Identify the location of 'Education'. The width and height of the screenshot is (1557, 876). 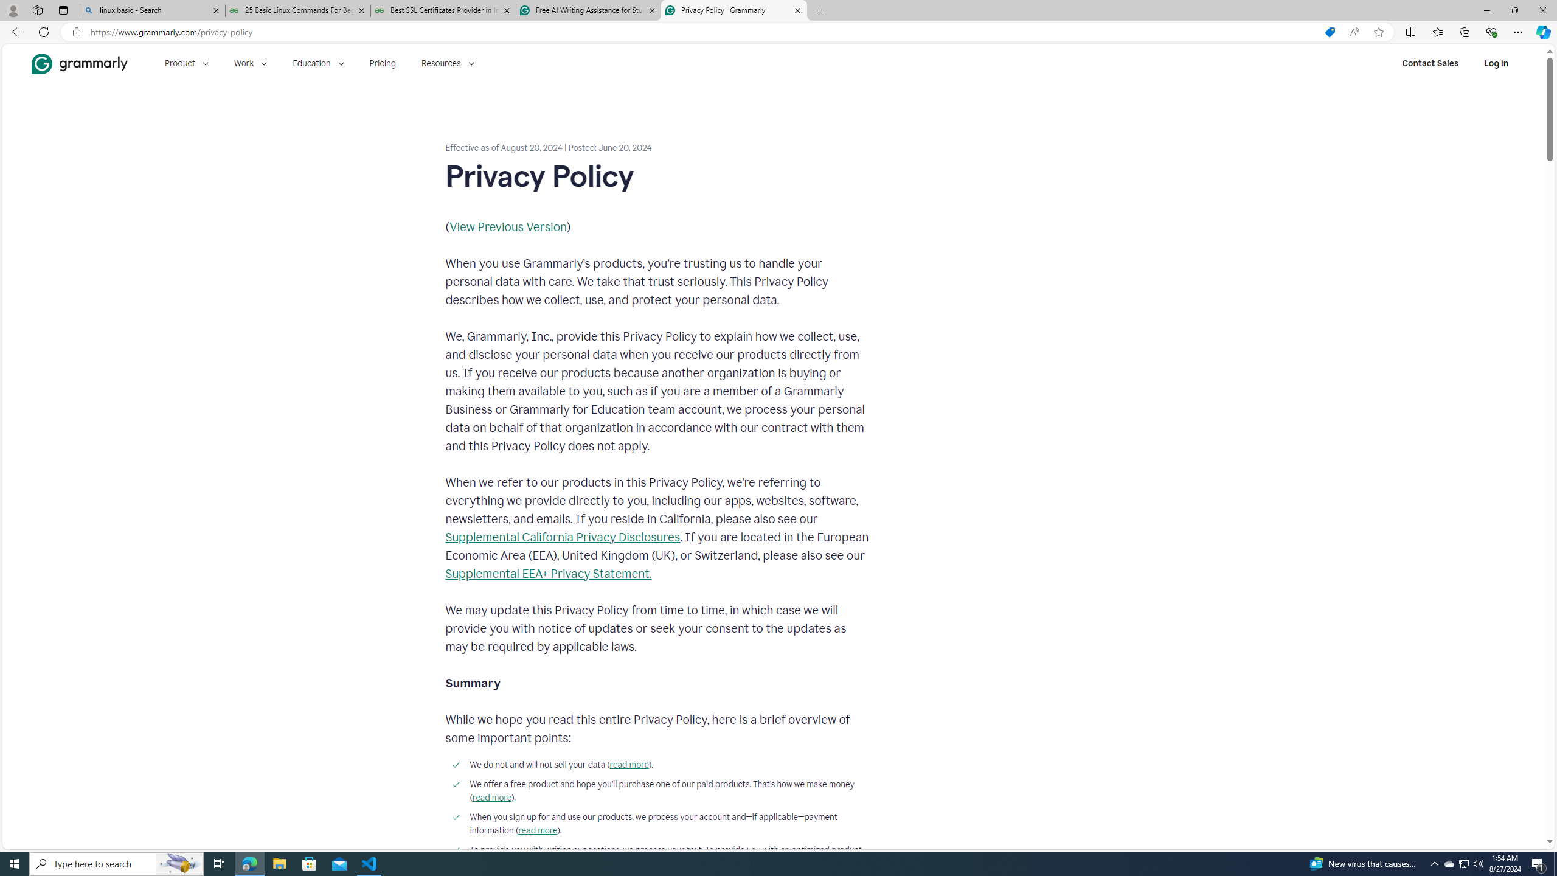
(317, 63).